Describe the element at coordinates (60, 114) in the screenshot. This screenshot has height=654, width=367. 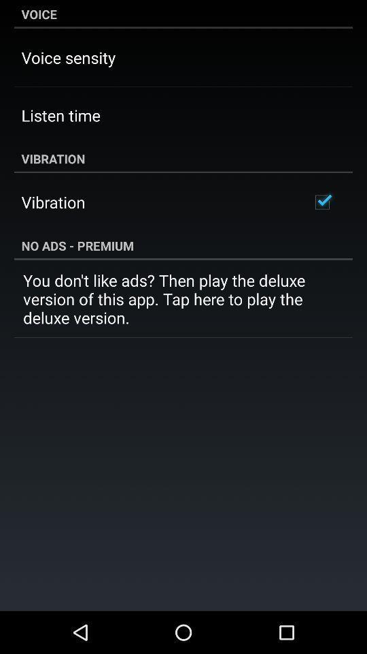
I see `item above vibration` at that location.